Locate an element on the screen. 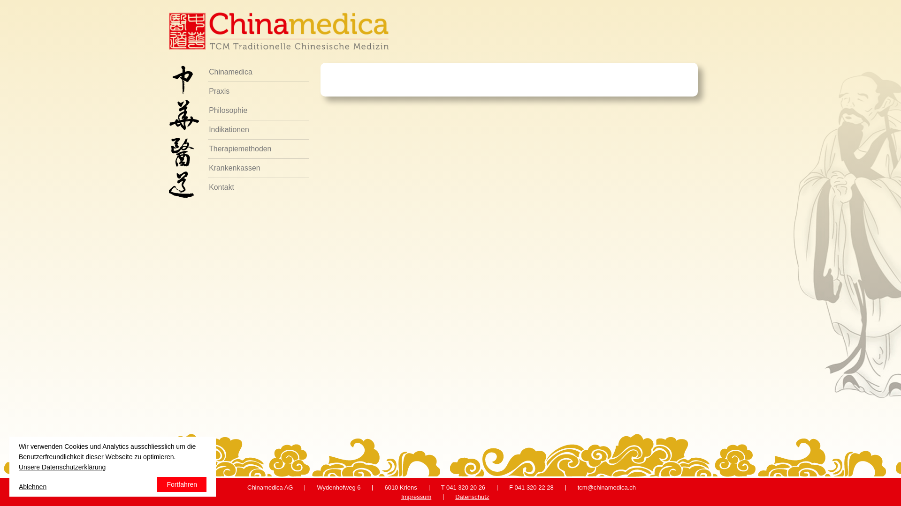  'Datenschutz' is located at coordinates (472, 496).